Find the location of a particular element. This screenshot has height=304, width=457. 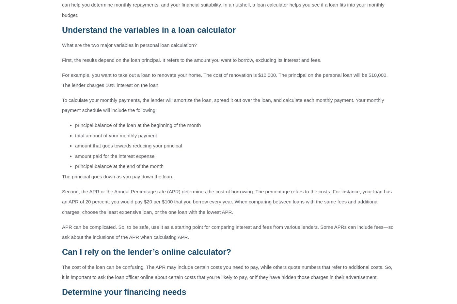

'principal balance of the loan at the beginning of the month' is located at coordinates (138, 125).